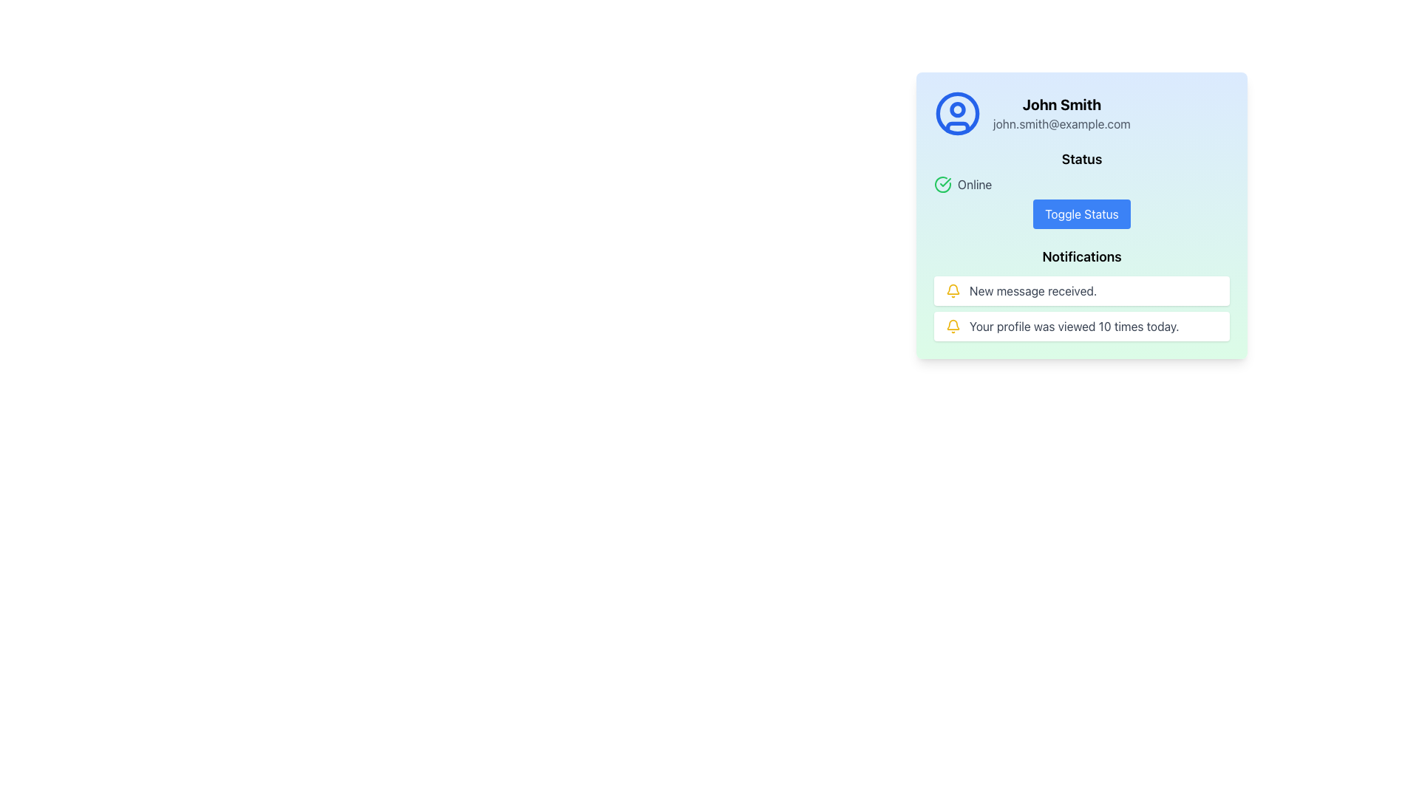 The height and width of the screenshot is (798, 1419). I want to click on the text element displaying 'John Smith' in bold font, which is located in the user information card just below the circular user icon, so click(1061, 104).